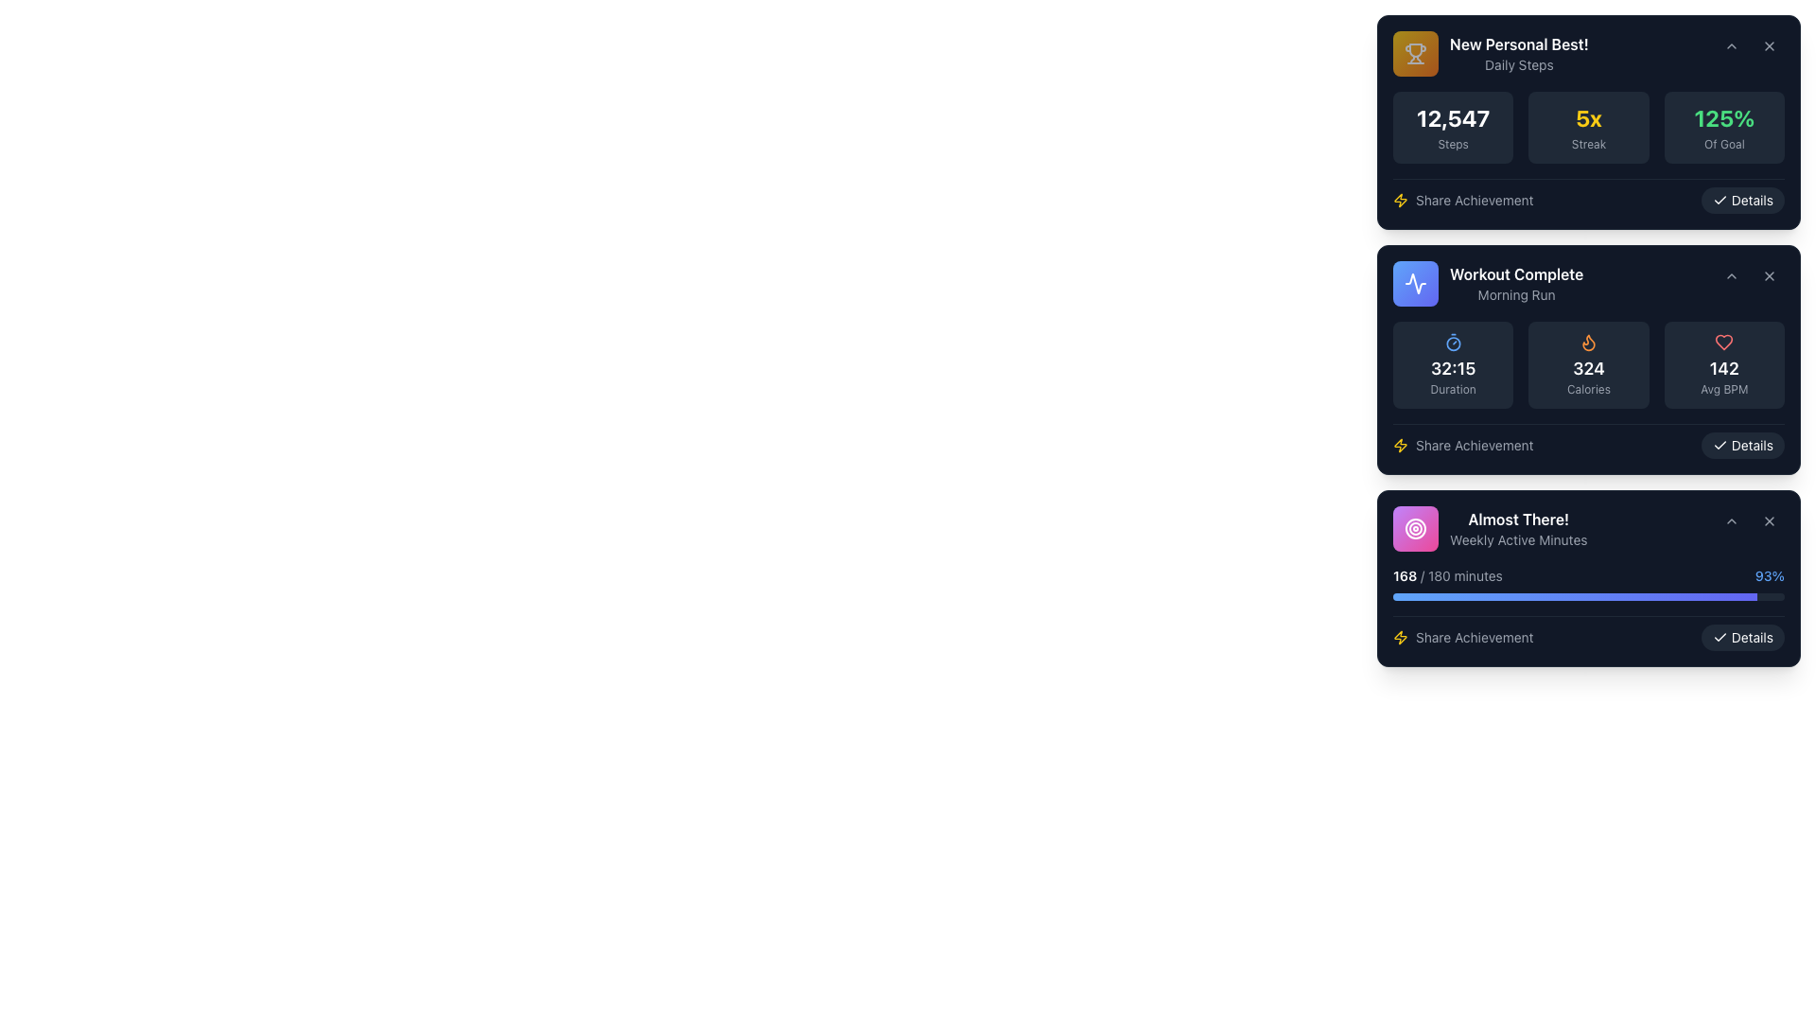 This screenshot has height=1022, width=1816. What do you see at coordinates (1589, 128) in the screenshot?
I see `displayed metrics from the informational display panel that shows total steps, current streak, and percentage of goal completion, located in the 'New Personal Best! Daily Steps' section` at bounding box center [1589, 128].